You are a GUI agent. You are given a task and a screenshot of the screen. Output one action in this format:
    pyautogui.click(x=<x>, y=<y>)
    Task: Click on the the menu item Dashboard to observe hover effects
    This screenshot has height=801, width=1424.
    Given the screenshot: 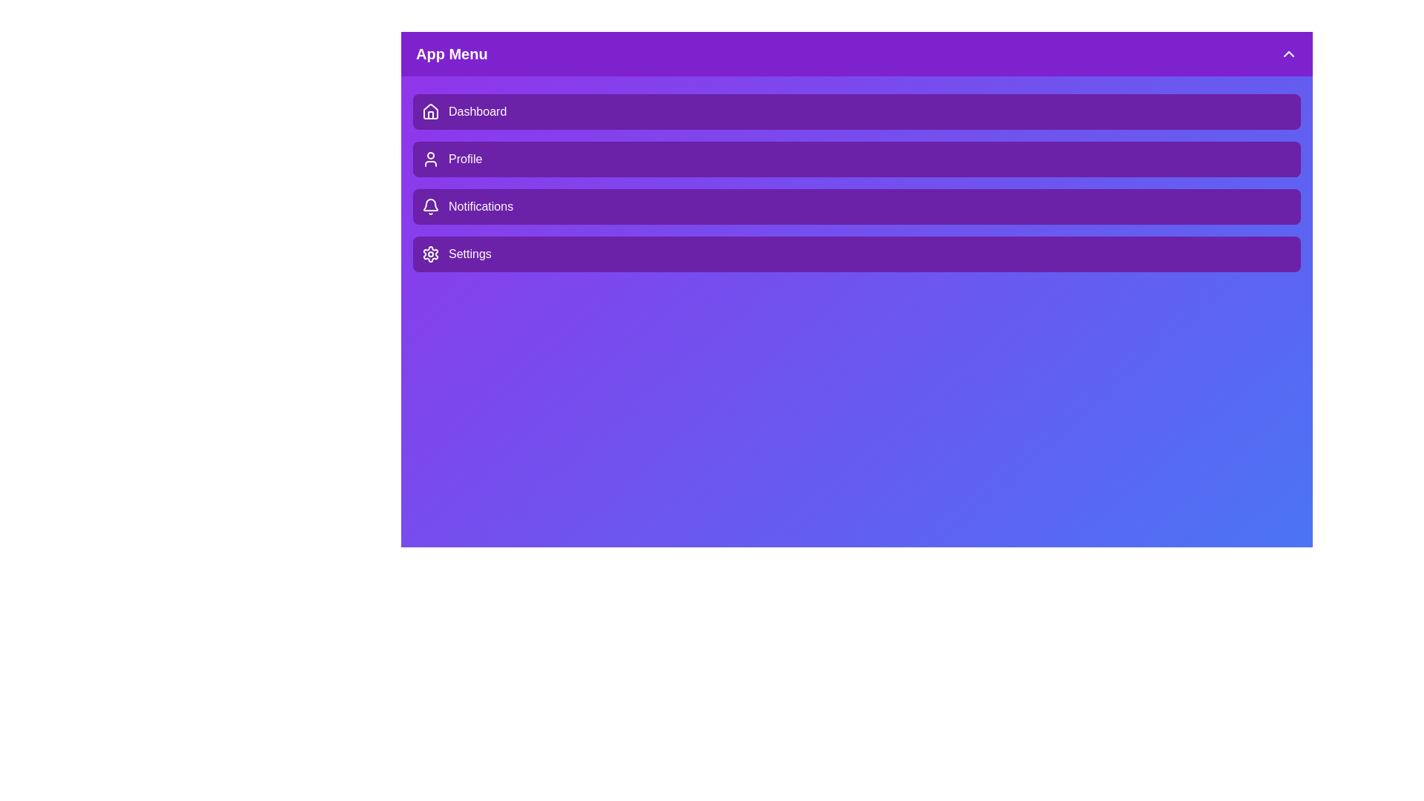 What is the action you would take?
    pyautogui.click(x=857, y=111)
    